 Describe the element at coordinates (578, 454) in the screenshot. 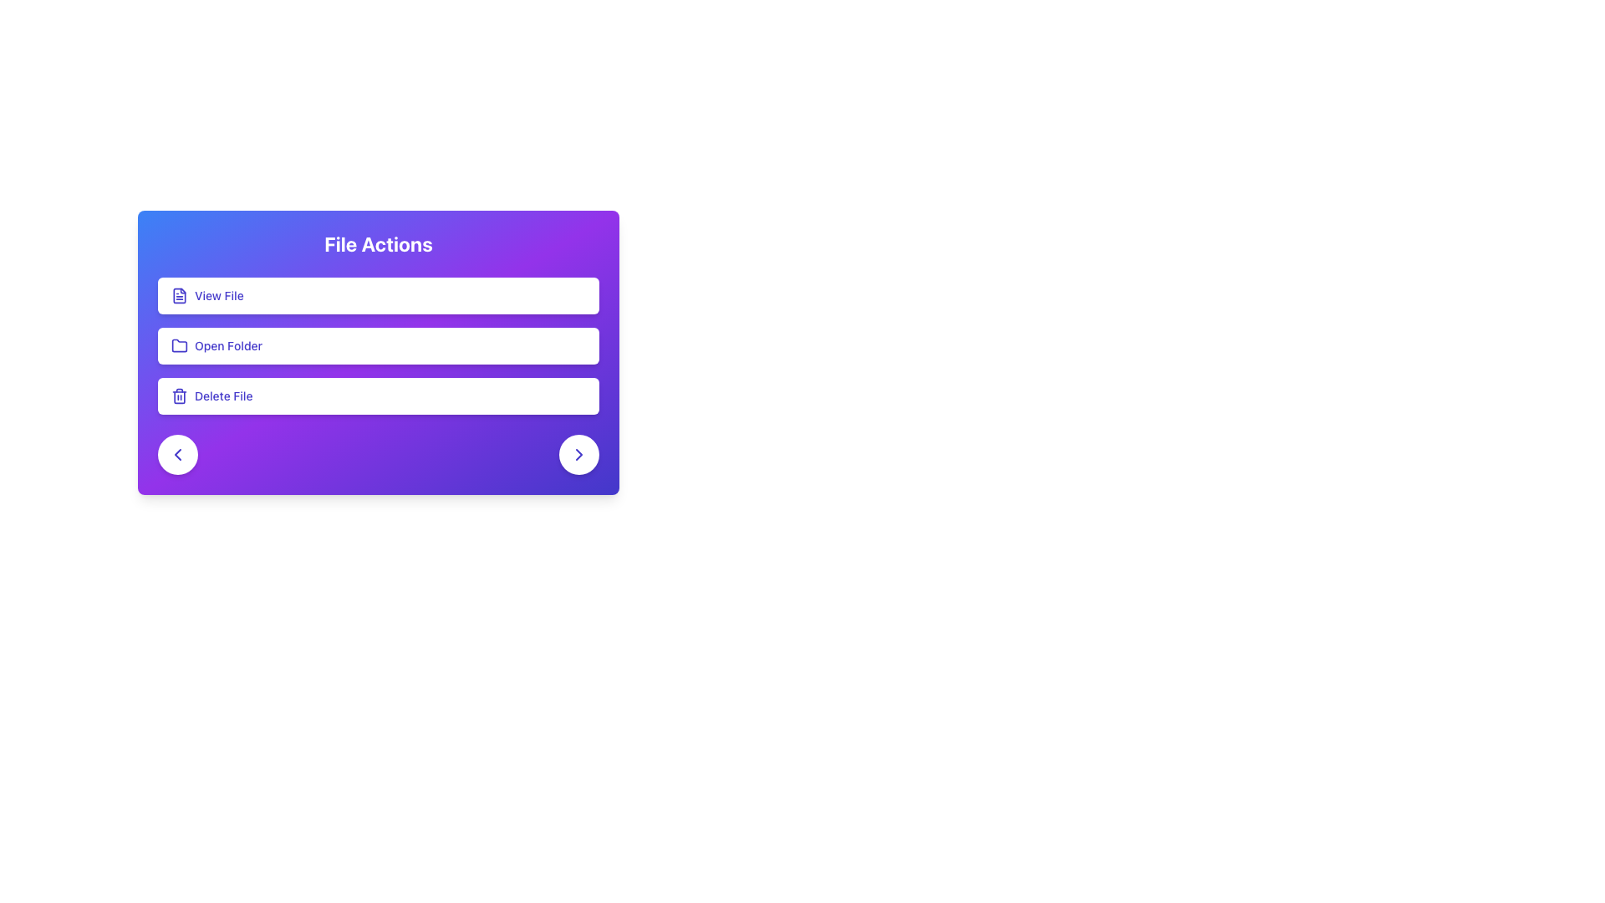

I see `the white circular button with a purple background, which is the rightmost button in a horizontal pair located in the lower-right corner of a purple rectangular card` at that location.